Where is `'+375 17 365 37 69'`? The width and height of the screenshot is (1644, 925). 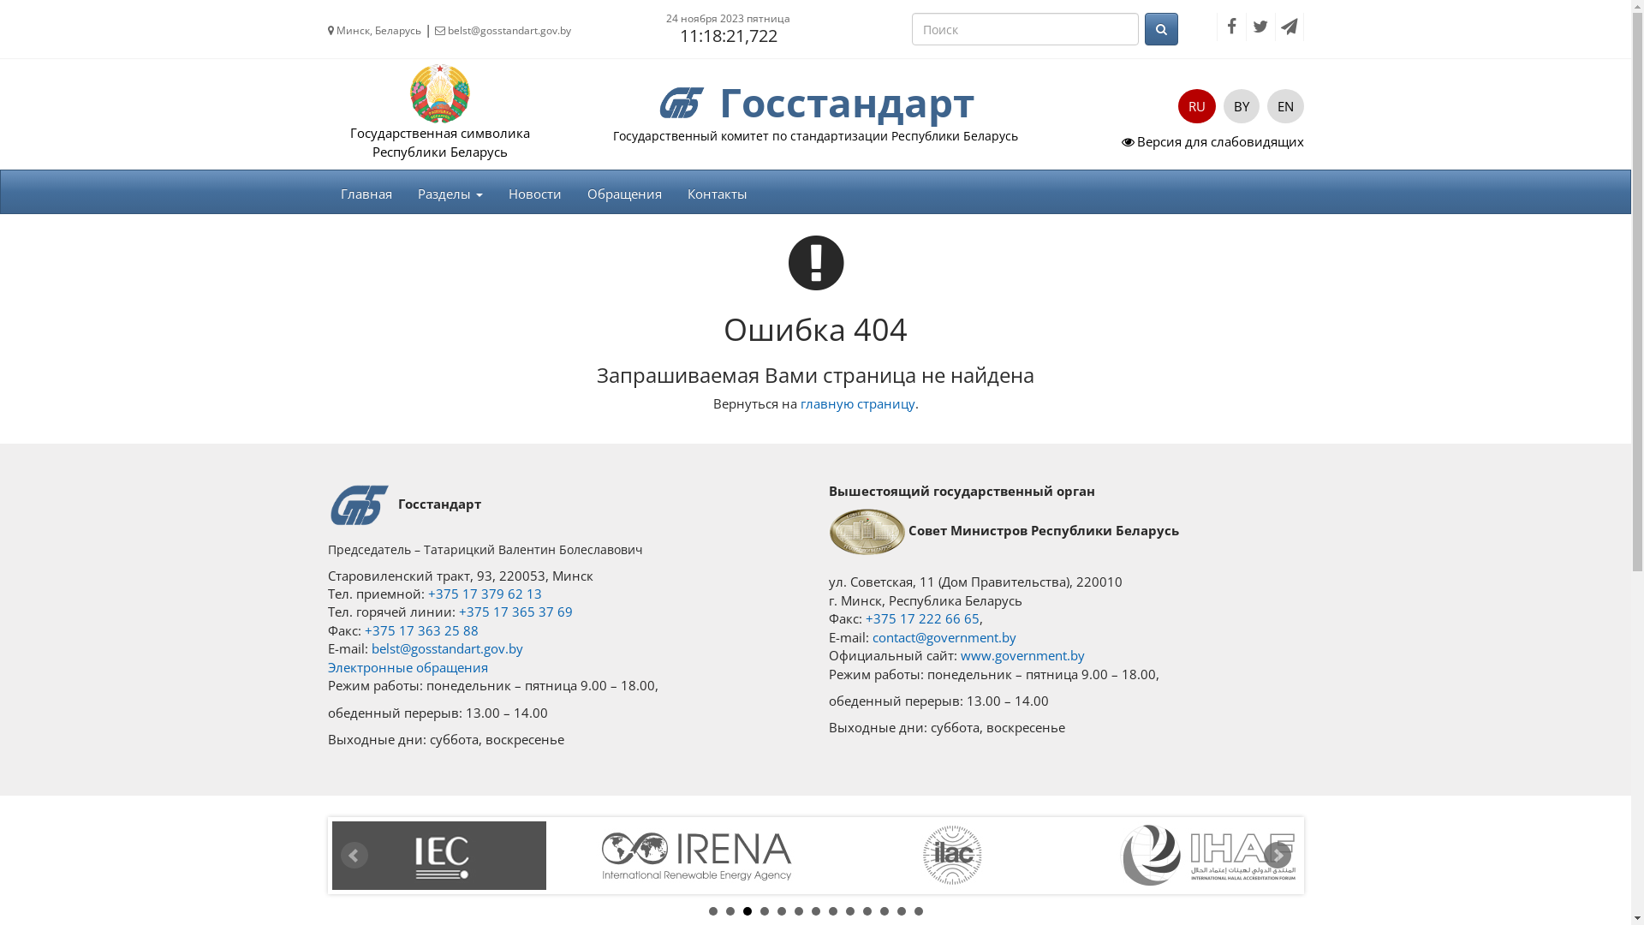
'+375 17 365 37 69' is located at coordinates (459, 610).